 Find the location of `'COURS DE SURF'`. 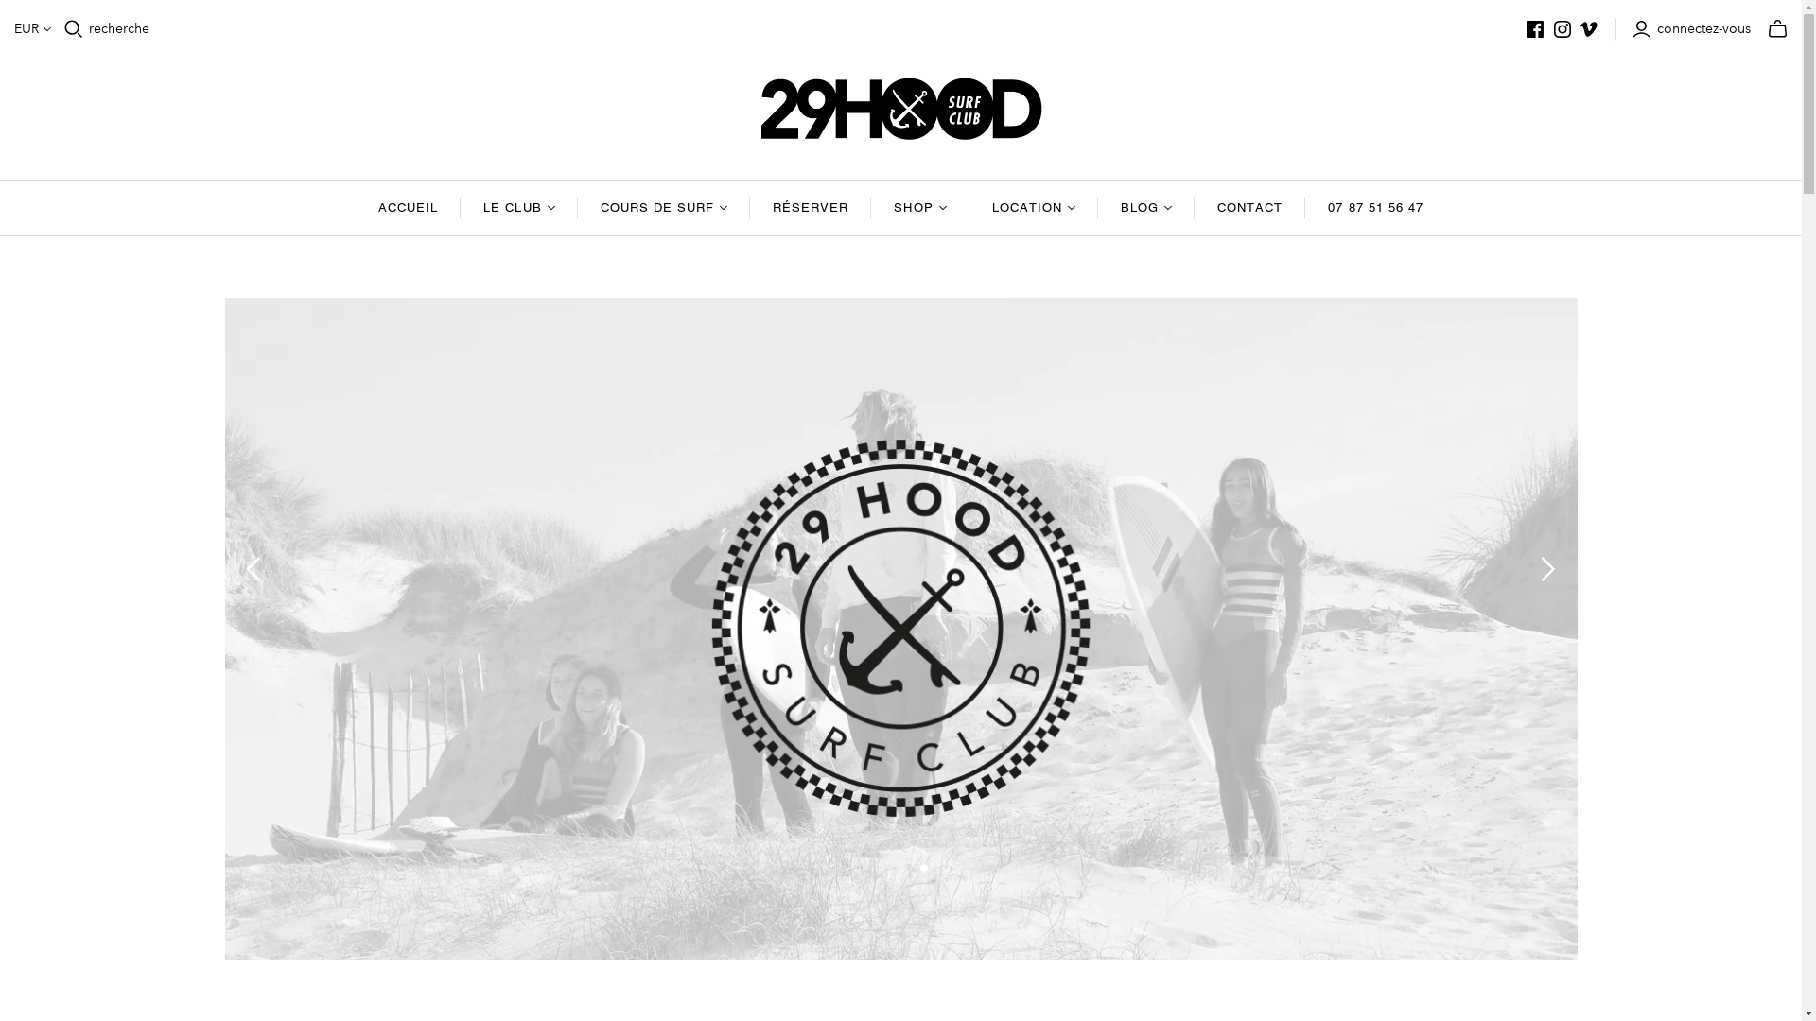

'COURS DE SURF' is located at coordinates (664, 207).